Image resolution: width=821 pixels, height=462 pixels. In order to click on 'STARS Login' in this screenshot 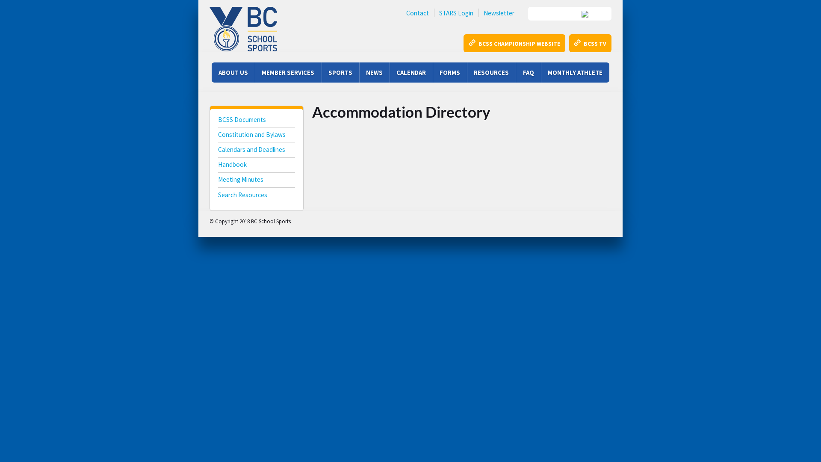, I will do `click(455, 13)`.